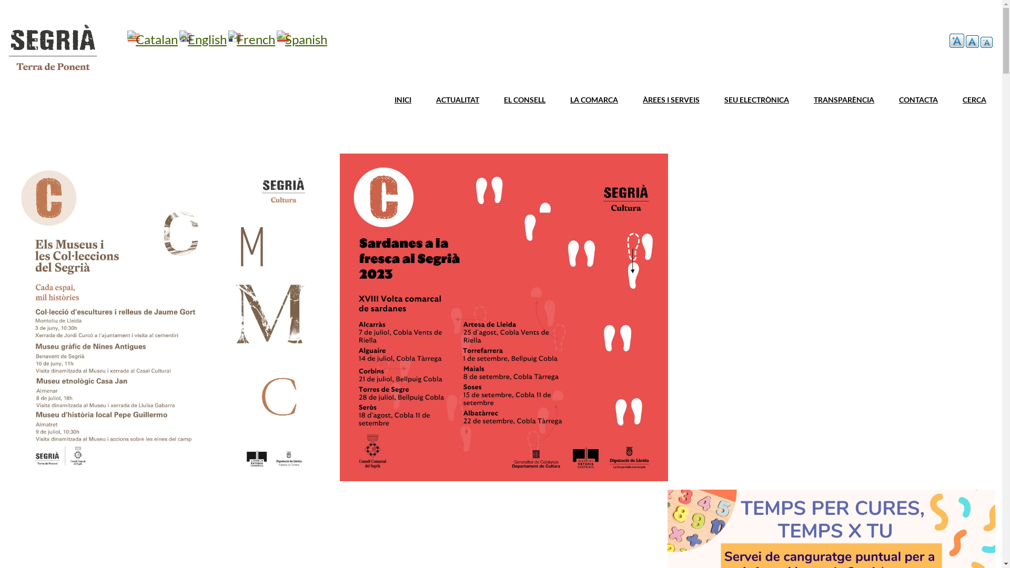 This screenshot has height=568, width=1010. I want to click on 'Inici', so click(52, 72).